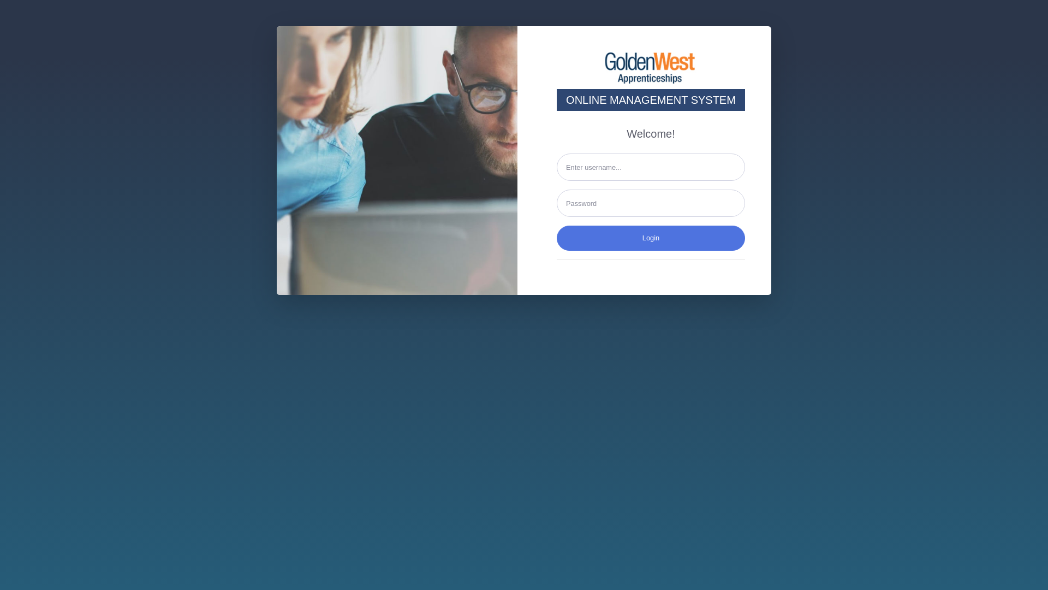 The image size is (1048, 590). I want to click on 'Login', so click(651, 237).